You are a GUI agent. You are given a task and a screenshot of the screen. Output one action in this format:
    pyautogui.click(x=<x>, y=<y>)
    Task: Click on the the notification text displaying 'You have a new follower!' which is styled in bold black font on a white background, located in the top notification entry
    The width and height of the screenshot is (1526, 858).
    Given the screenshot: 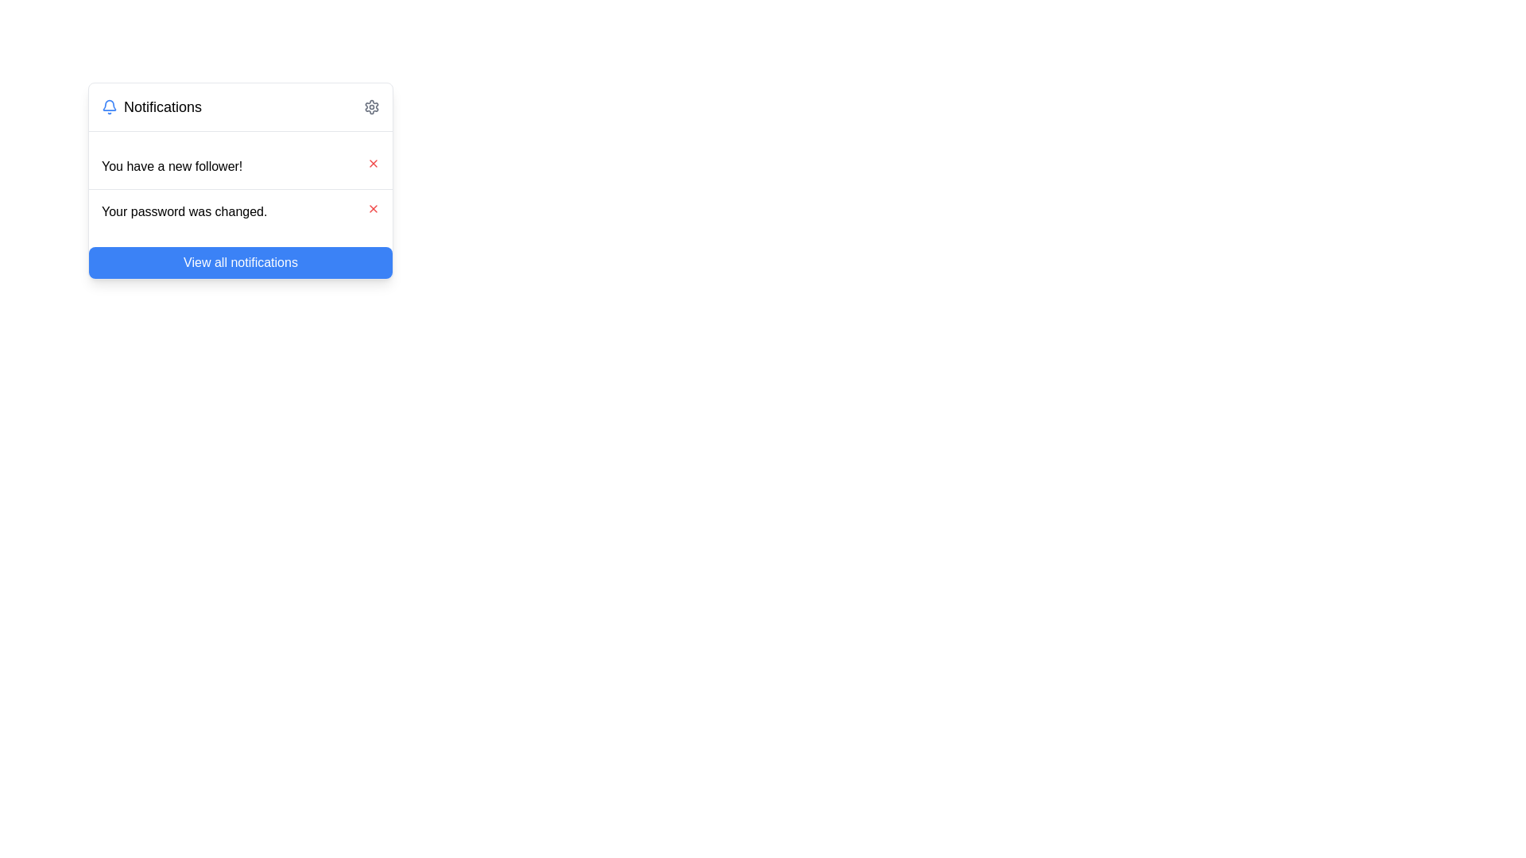 What is the action you would take?
    pyautogui.click(x=172, y=166)
    